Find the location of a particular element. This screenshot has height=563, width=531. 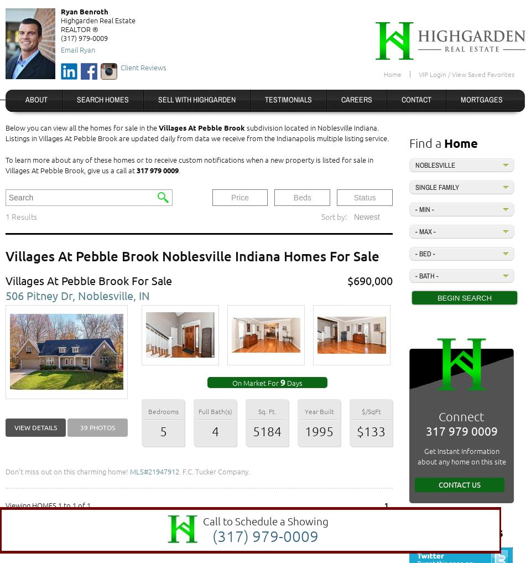

'Beds' is located at coordinates (293, 197).